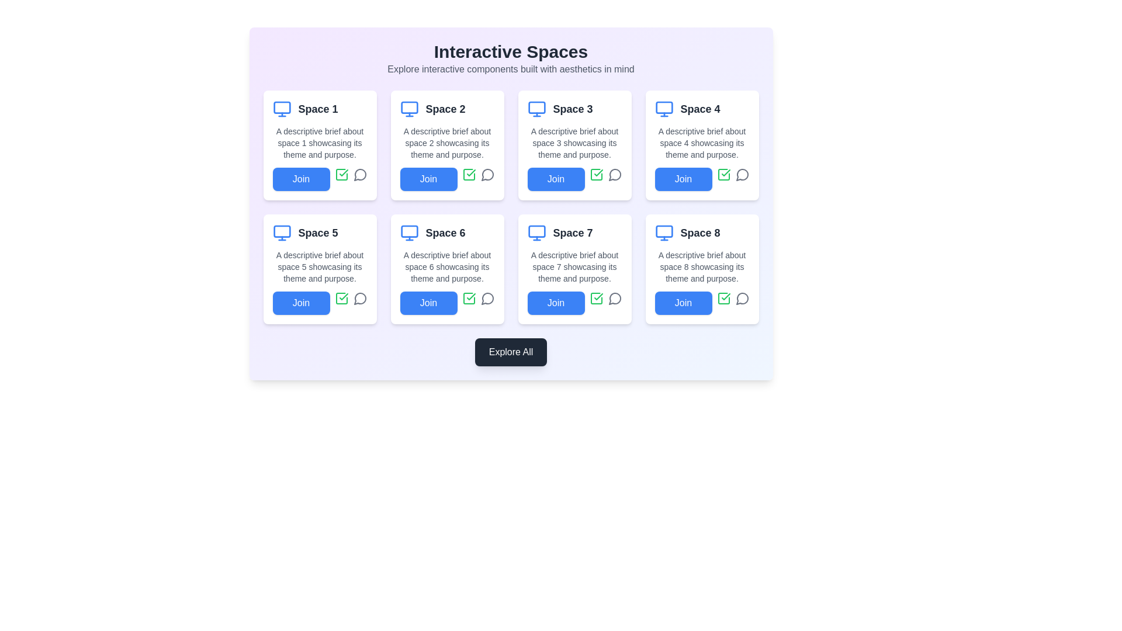  Describe the element at coordinates (701, 143) in the screenshot. I see `the paragraph styled with a light gray font below the heading 'Space 4' in the fourth card of the grid layout` at that location.